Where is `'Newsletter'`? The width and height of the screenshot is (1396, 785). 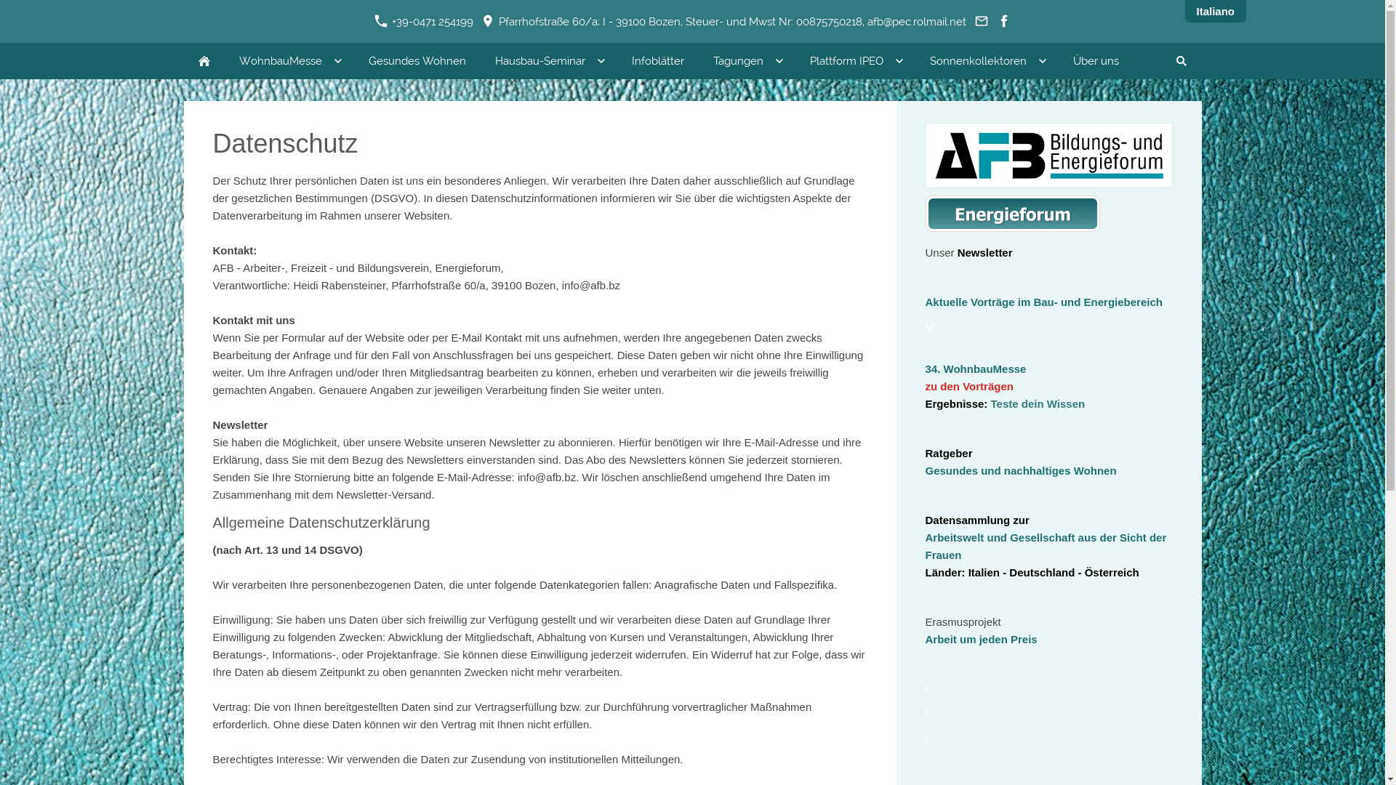
'Newsletter' is located at coordinates (984, 251).